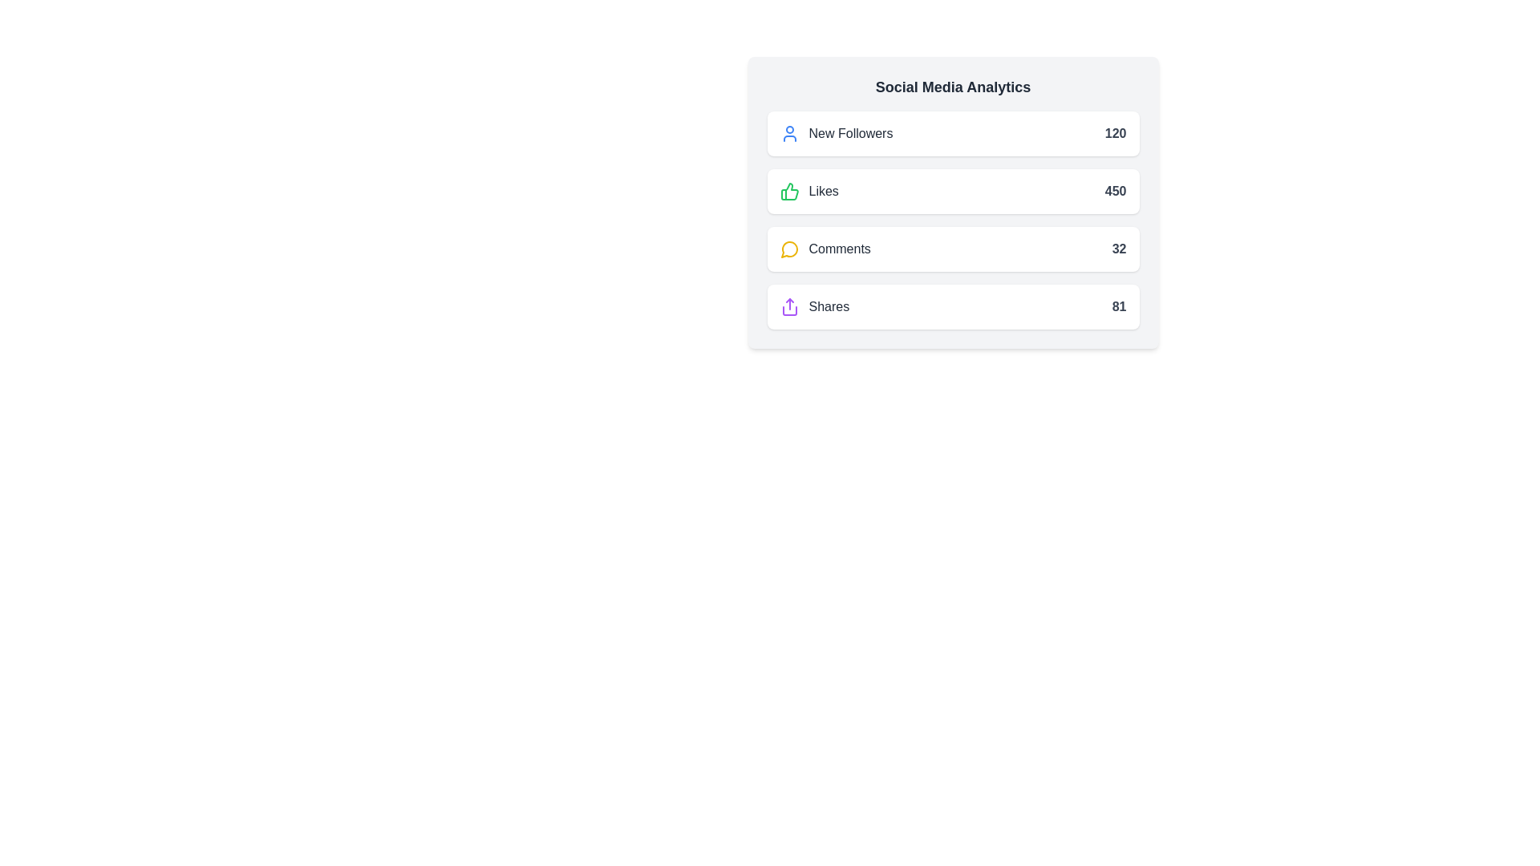 The height and width of the screenshot is (866, 1540). Describe the element at coordinates (789, 132) in the screenshot. I see `the 'New Followers' icon, which is the first item in the horizontally arranged group located to the left of the text 'New Followers' in the 'Social Media Analytics' section` at that location.